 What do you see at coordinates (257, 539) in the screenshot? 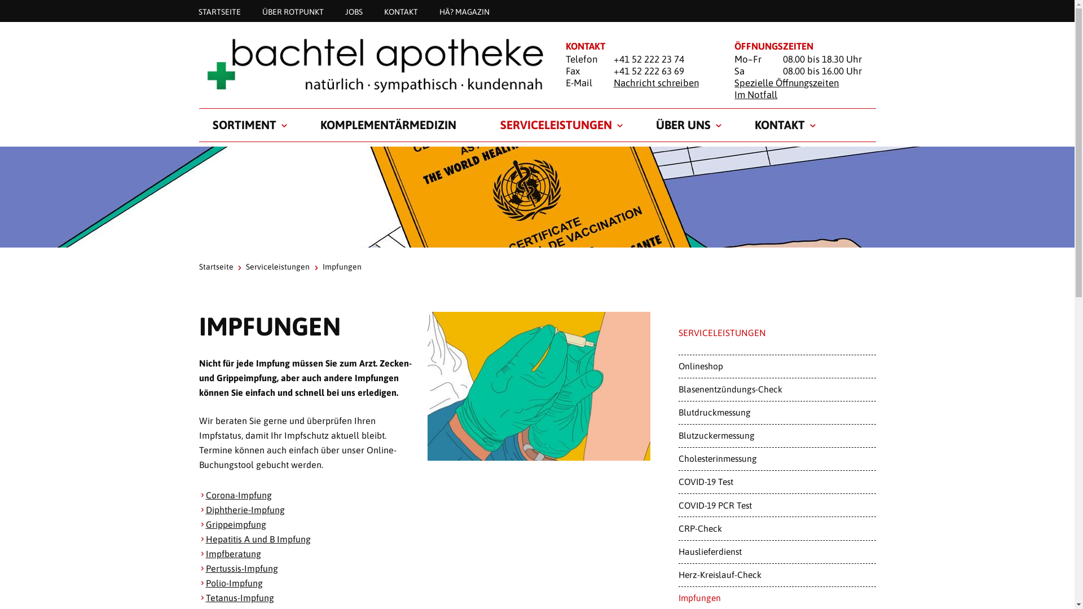
I see `'Hepatitis A und B Impfung'` at bounding box center [257, 539].